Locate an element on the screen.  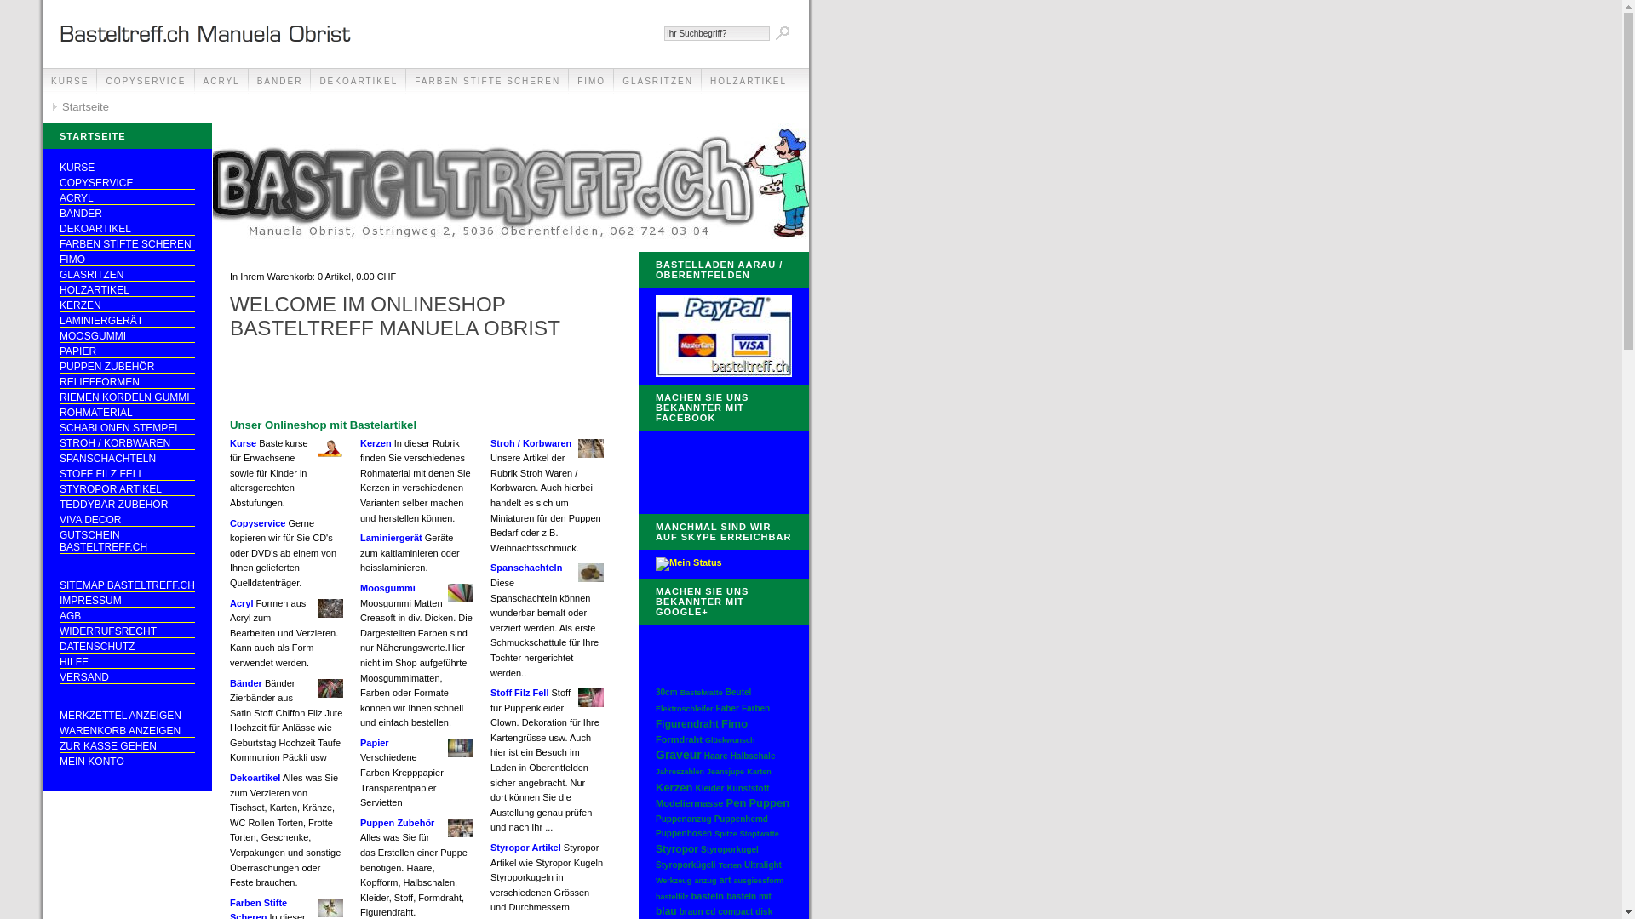
'Moosgummi' is located at coordinates (387, 586).